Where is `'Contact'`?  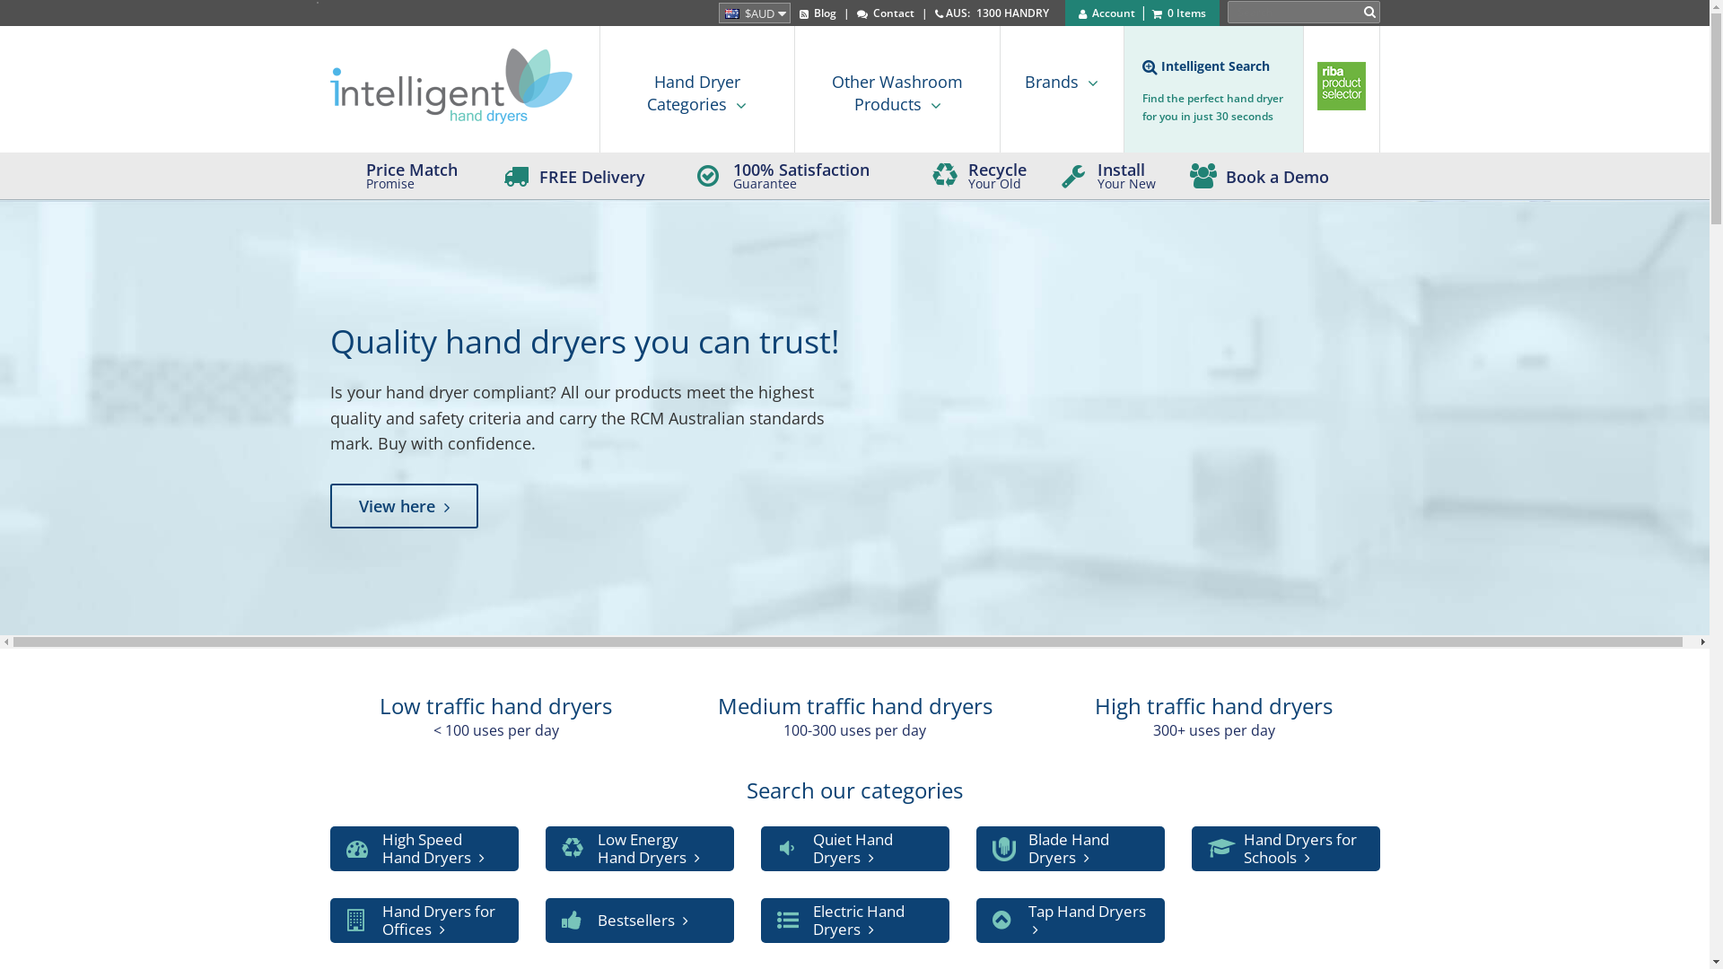 'Contact' is located at coordinates (884, 13).